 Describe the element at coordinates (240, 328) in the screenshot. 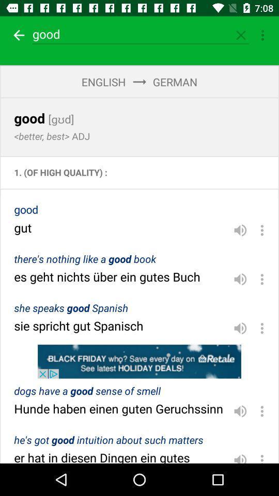

I see `volume button` at that location.